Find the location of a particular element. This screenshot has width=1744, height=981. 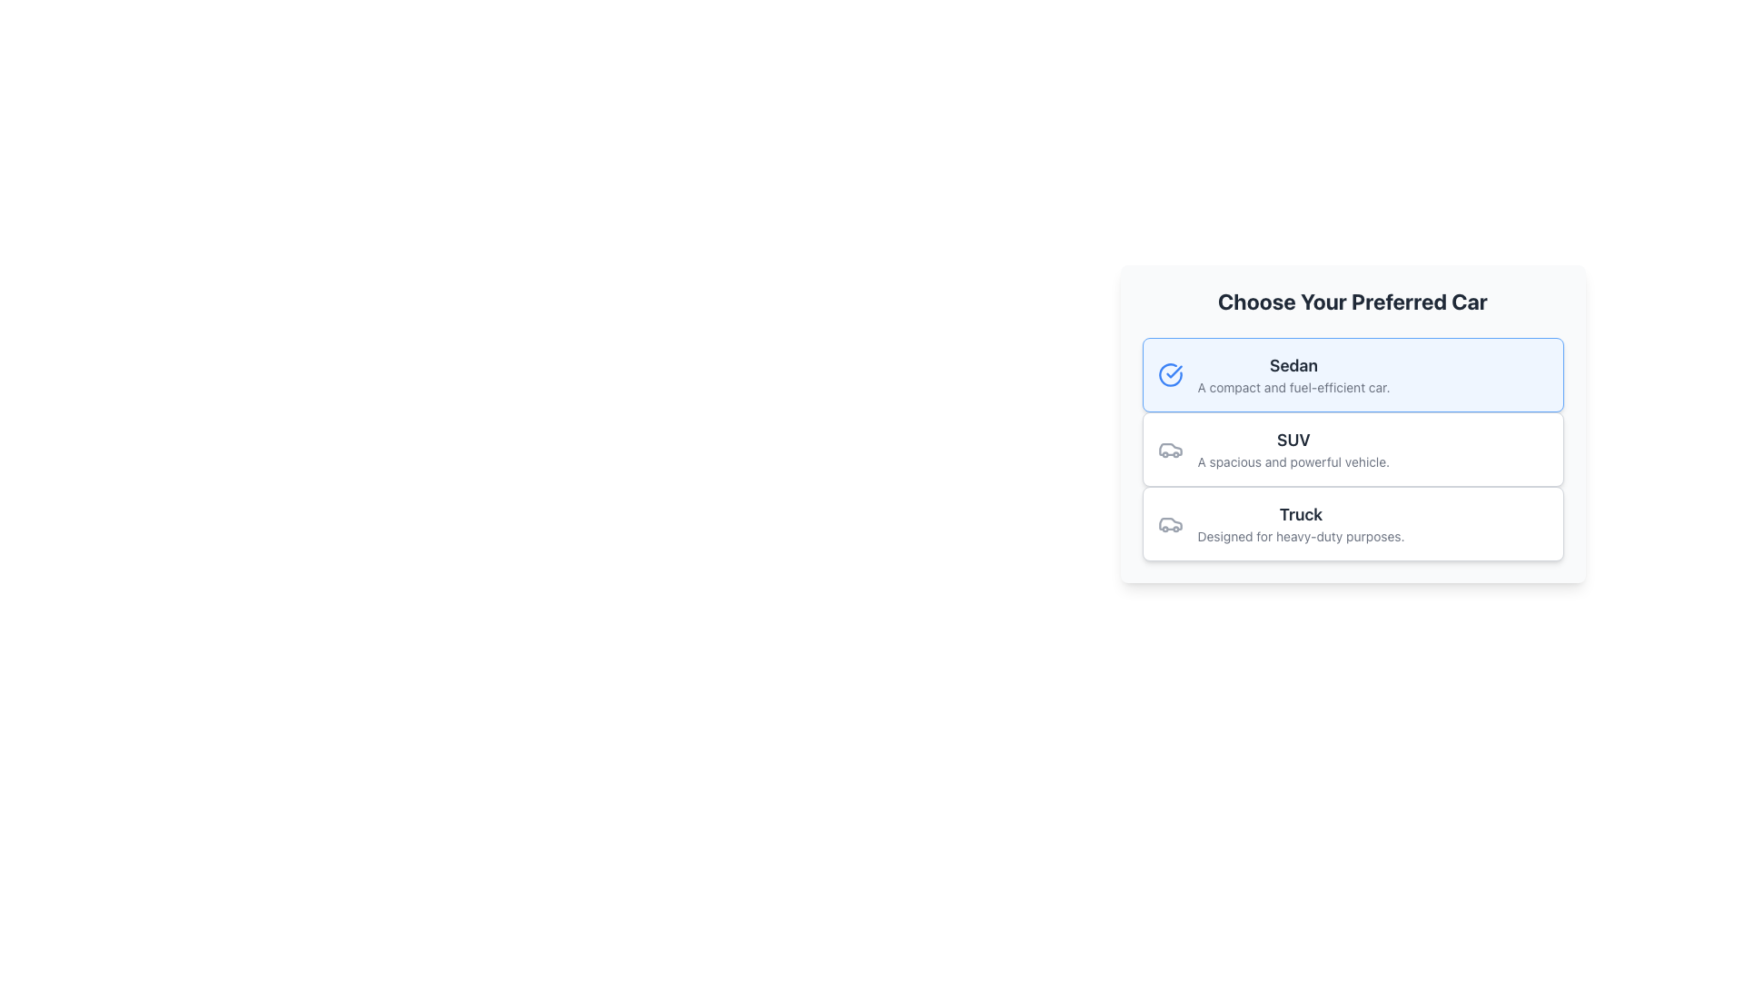

the 'SUV' icon located to the left of the 'SUV' text in the car type selection panel is located at coordinates (1170, 449).